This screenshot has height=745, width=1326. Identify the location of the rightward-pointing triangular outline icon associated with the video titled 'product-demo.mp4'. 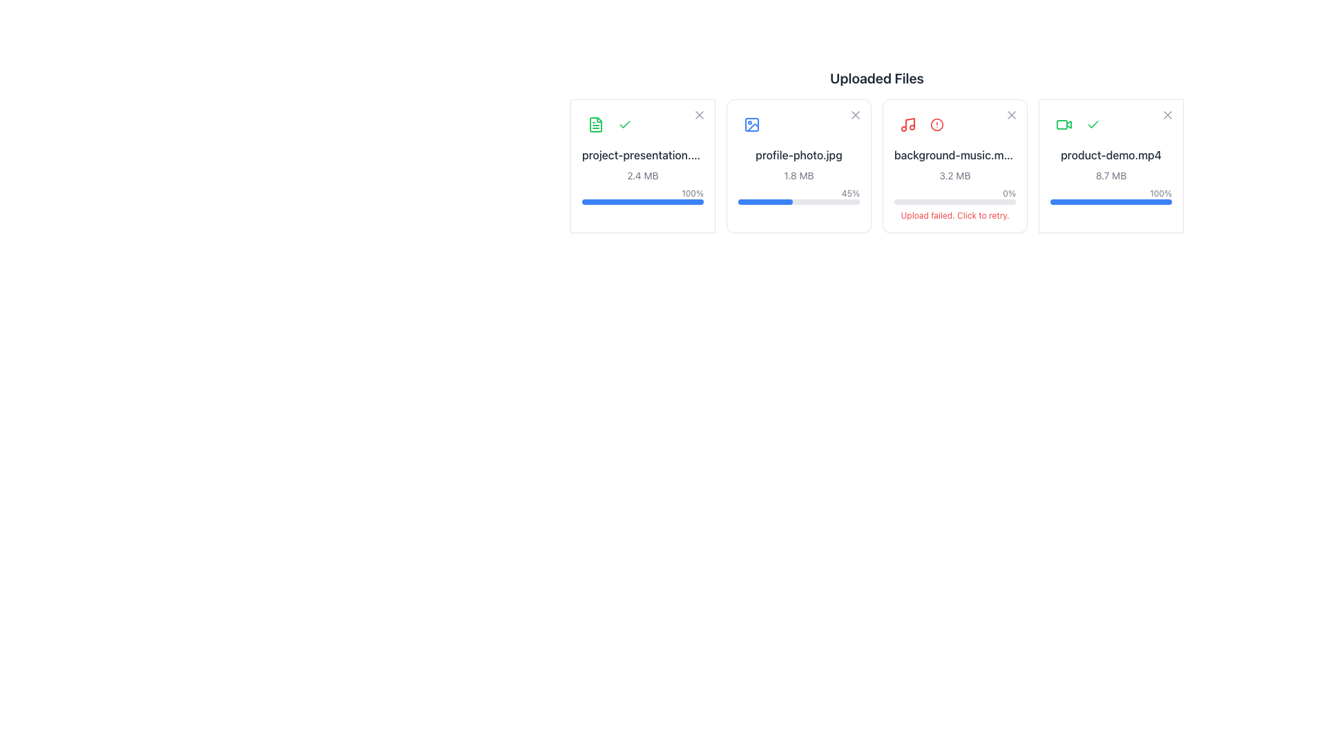
(1068, 124).